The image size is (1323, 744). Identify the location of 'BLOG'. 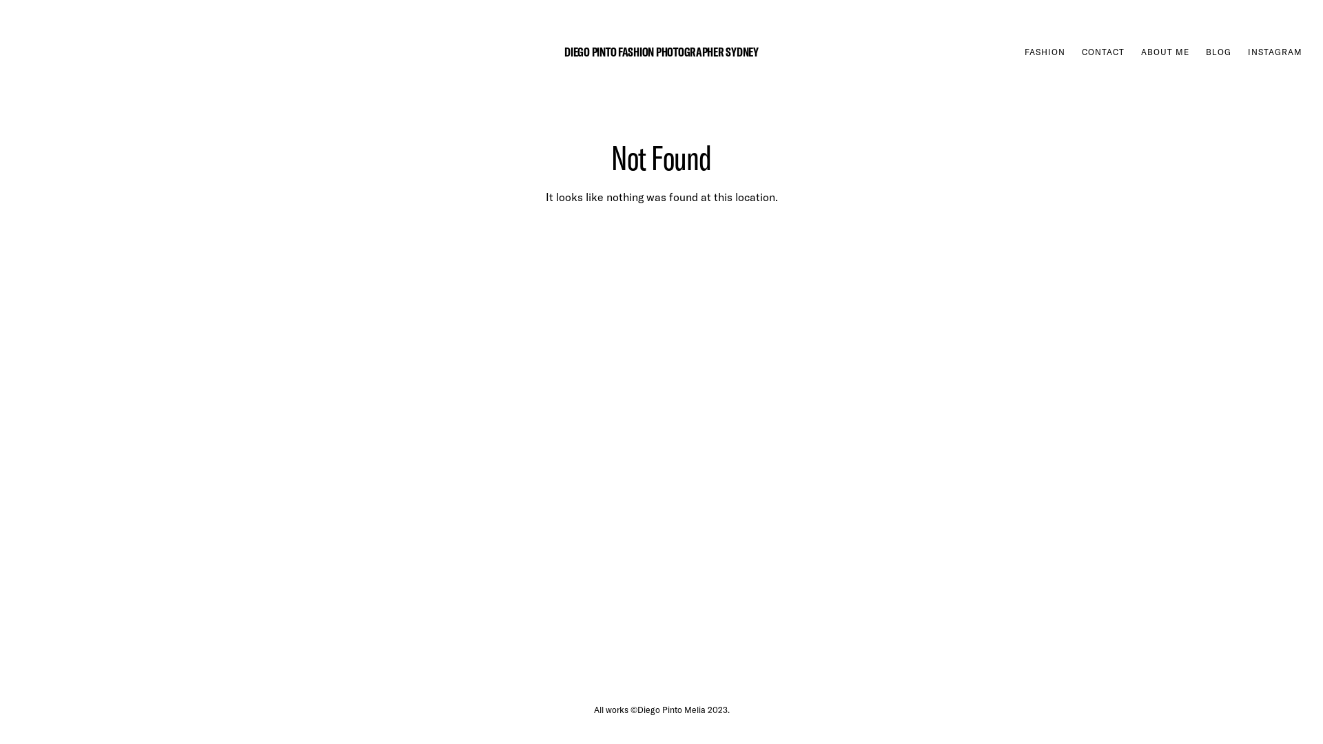
(1218, 51).